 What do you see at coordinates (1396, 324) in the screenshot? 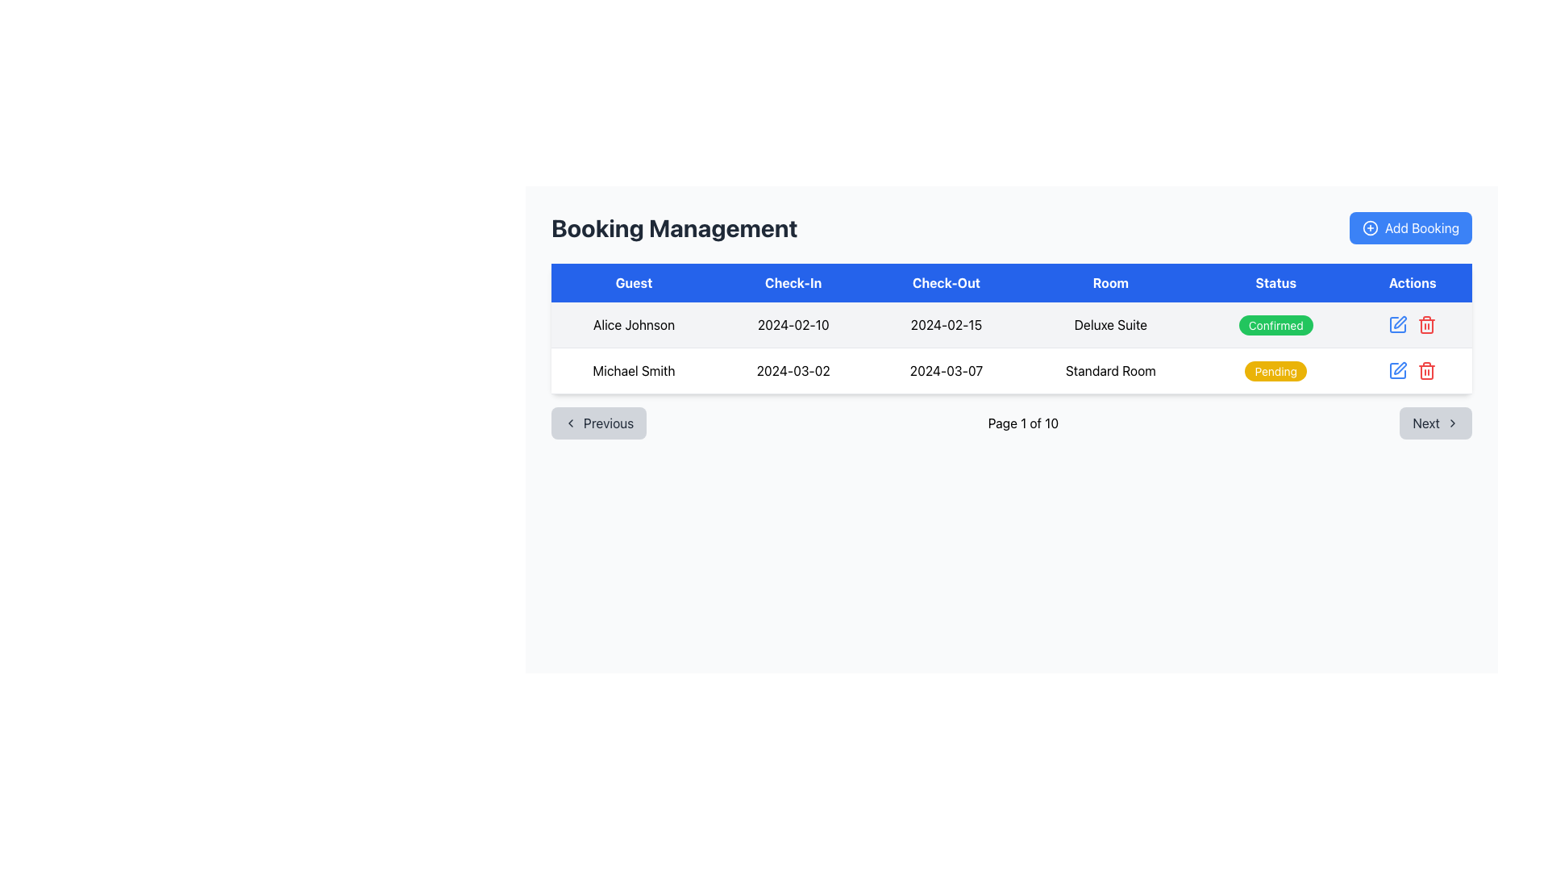
I see `the edit icon located in the 'Actions' column of the second row for 'Michael Smith' to initiate an edit action` at bounding box center [1396, 324].